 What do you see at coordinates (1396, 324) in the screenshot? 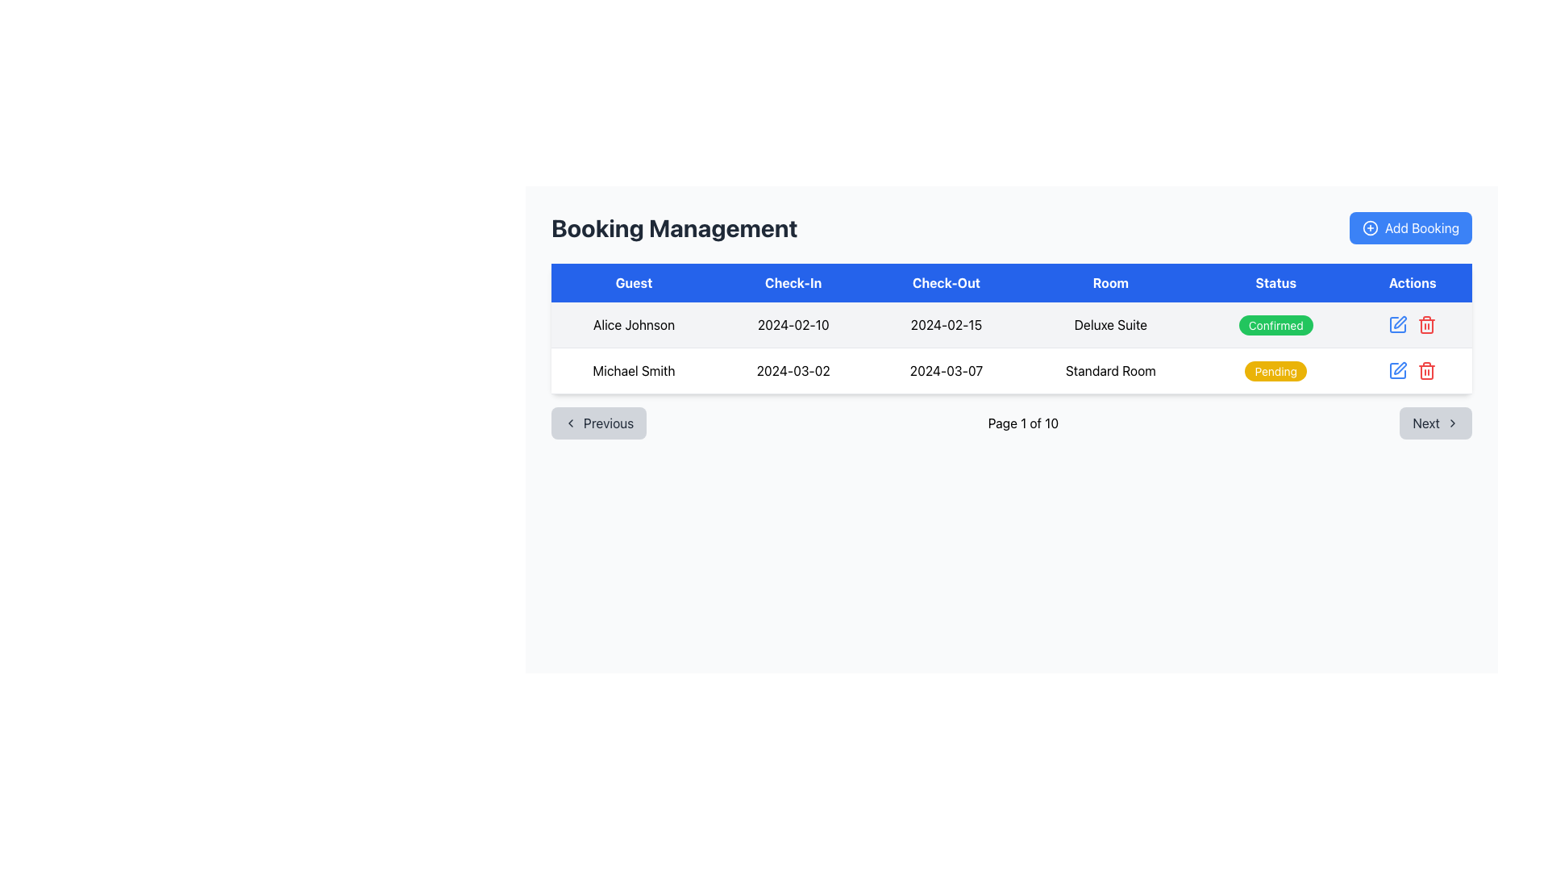
I see `the edit icon located in the 'Actions' column of the second row for 'Michael Smith' to initiate an edit action` at bounding box center [1396, 324].